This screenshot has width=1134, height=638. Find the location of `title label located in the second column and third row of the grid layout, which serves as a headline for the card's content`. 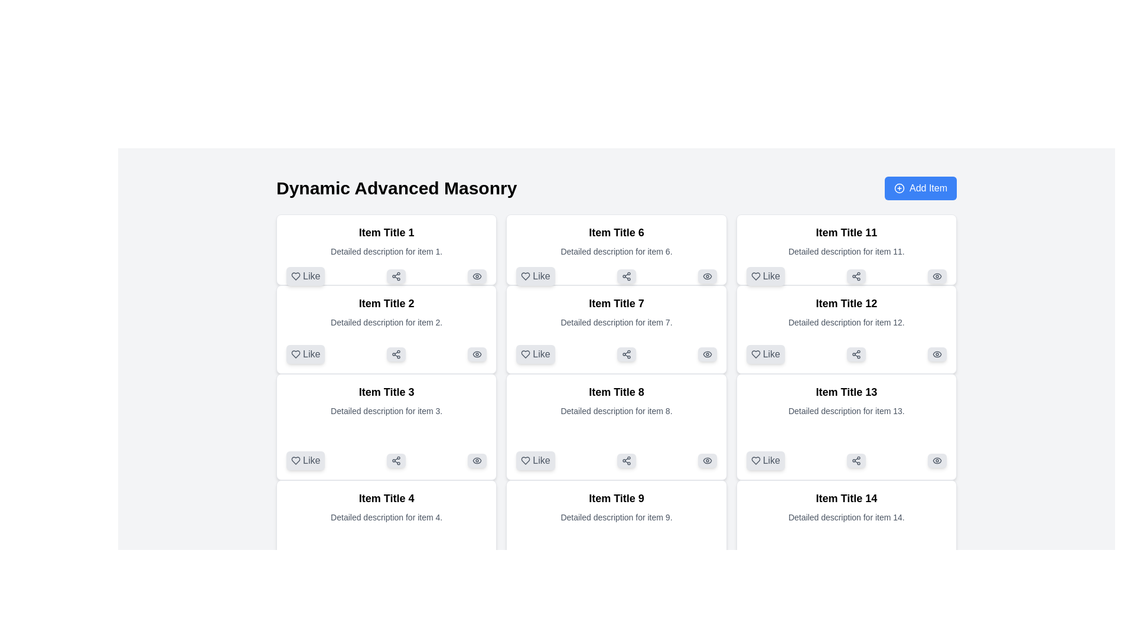

title label located in the second column and third row of the grid layout, which serves as a headline for the card's content is located at coordinates (615, 392).